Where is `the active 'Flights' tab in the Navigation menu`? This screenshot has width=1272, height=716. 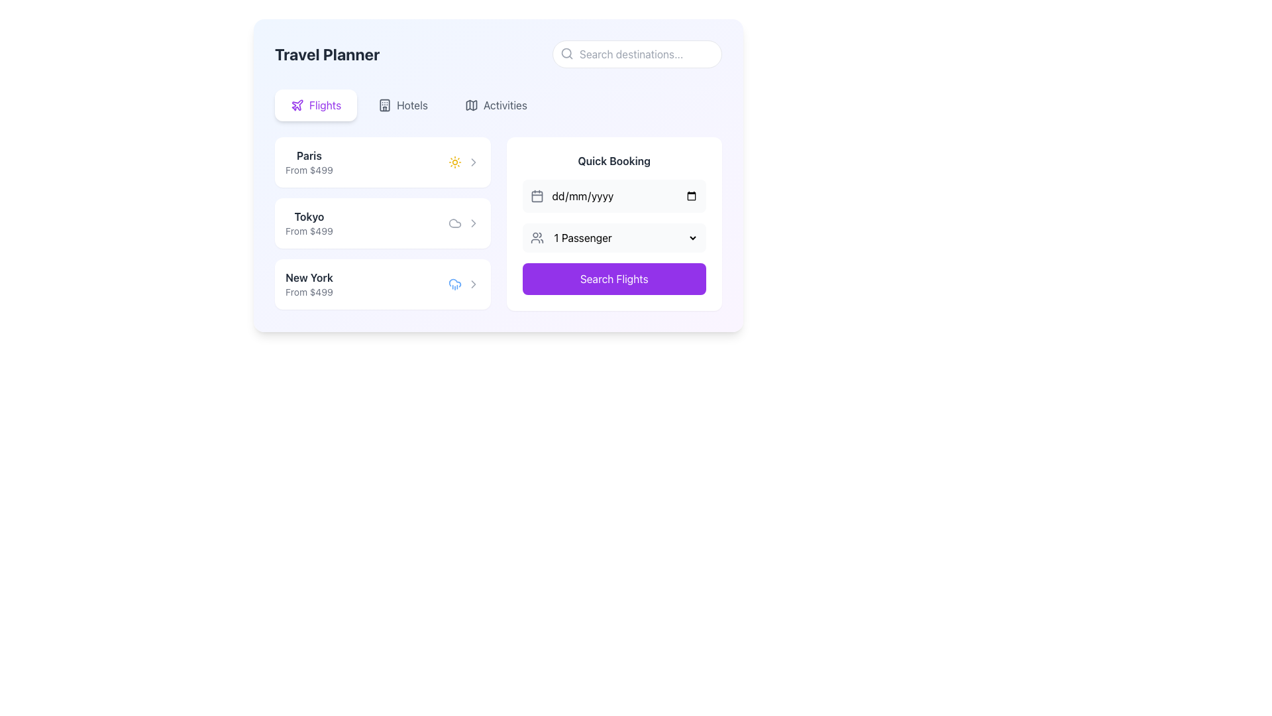
the active 'Flights' tab in the Navigation menu is located at coordinates (498, 104).